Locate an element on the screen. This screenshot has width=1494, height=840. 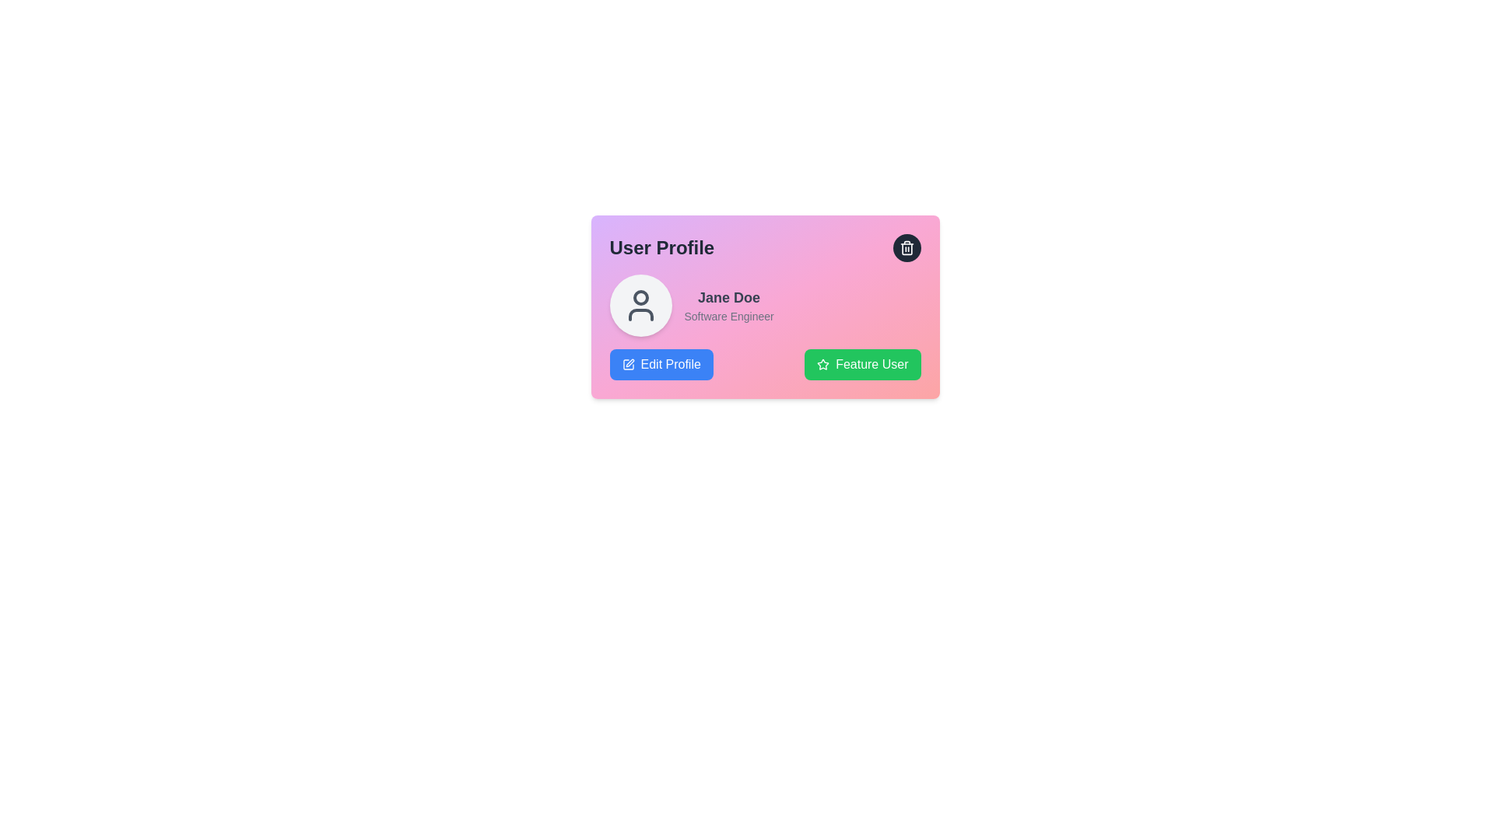
the 'User Profile' text label which displays bold text in large font size on a gradient pink and purple background, located near the top-left side of the user profile section's header is located at coordinates (661, 247).